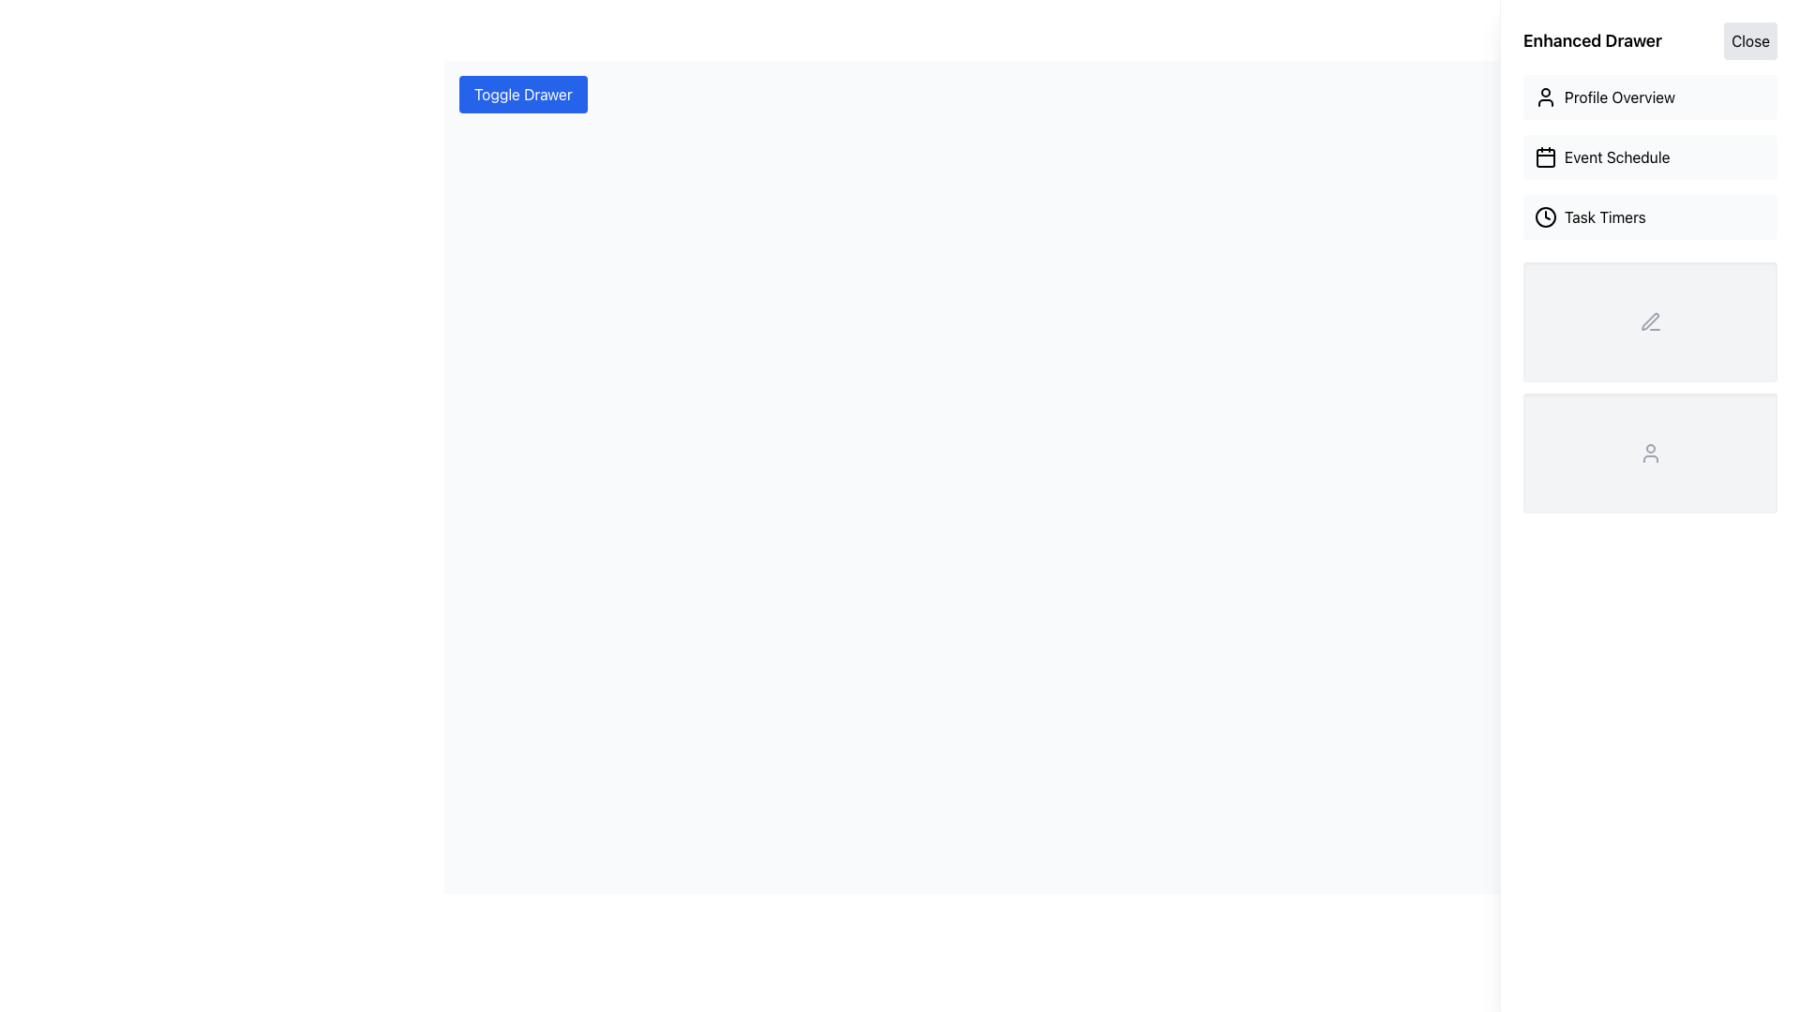  Describe the element at coordinates (1546, 216) in the screenshot. I see `the circular border of the clock icon located to the left of the 'Task Timers' text, which is the third item under the 'Enhanced Drawer' heading in the right-hand sidebar` at that location.